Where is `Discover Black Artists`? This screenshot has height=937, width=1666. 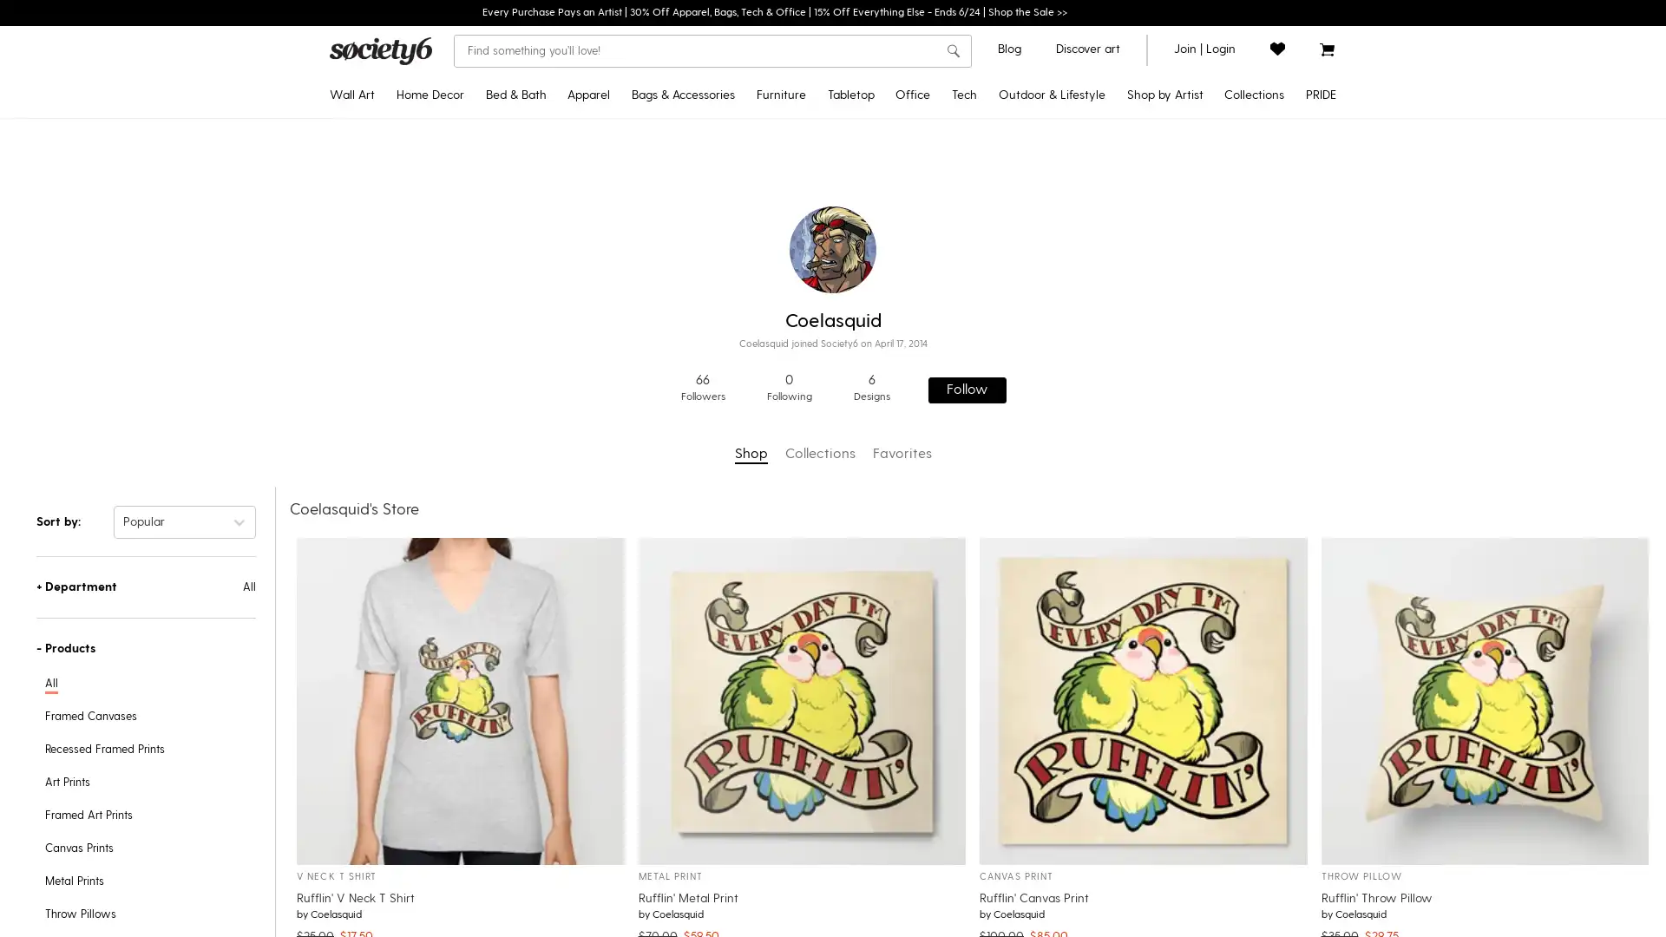 Discover Black Artists is located at coordinates (1118, 222).